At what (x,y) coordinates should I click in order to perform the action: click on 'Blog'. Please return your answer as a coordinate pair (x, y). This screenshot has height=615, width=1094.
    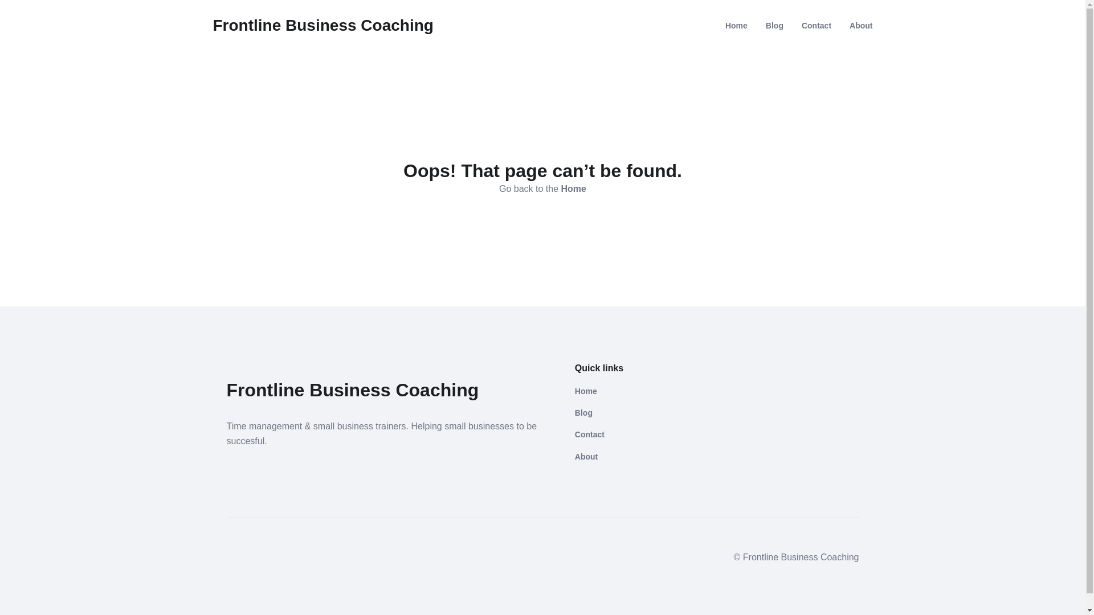
    Looking at the image, I should click on (639, 413).